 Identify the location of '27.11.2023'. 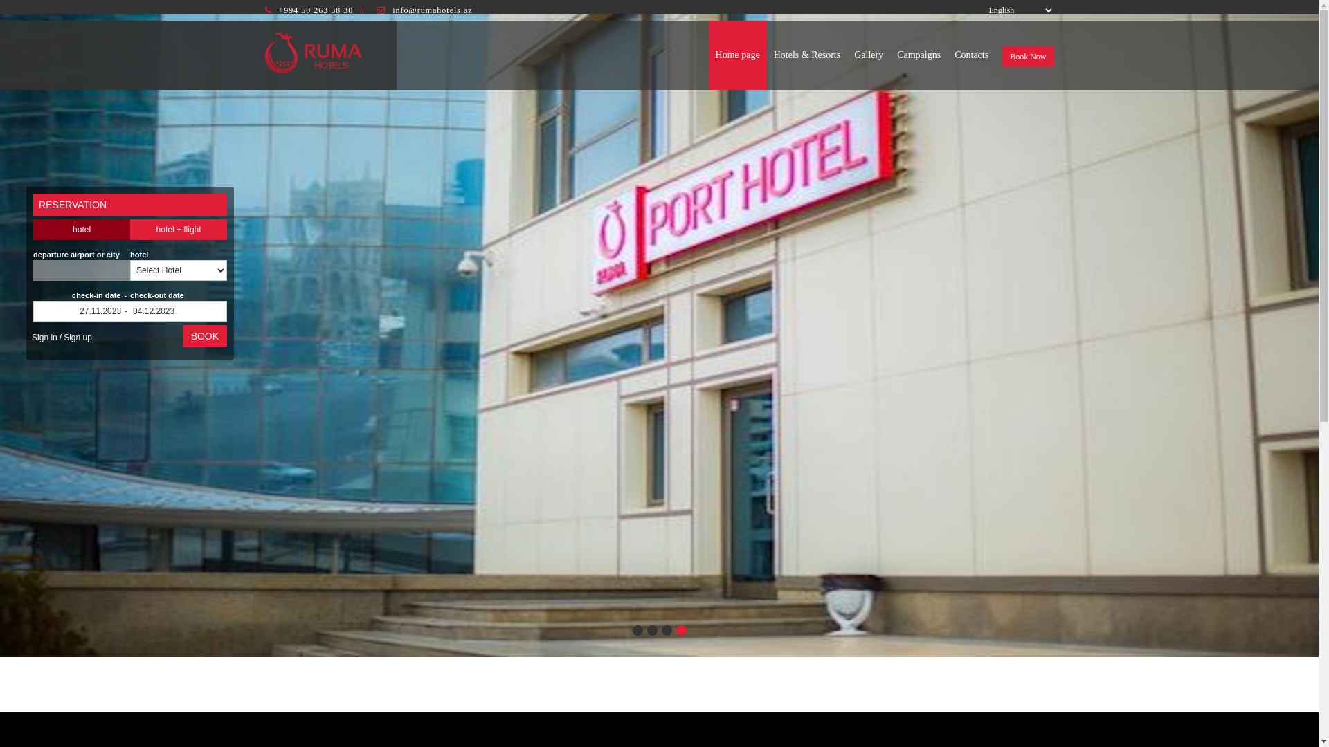
(81, 311).